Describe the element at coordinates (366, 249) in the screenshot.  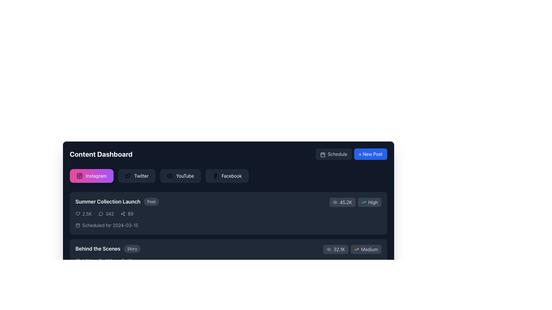
I see `label 'Medium' on the rectangular button with a dark gray background and yellow upward arrow icon, located at the bottom-right corner of the card-like structure` at that location.